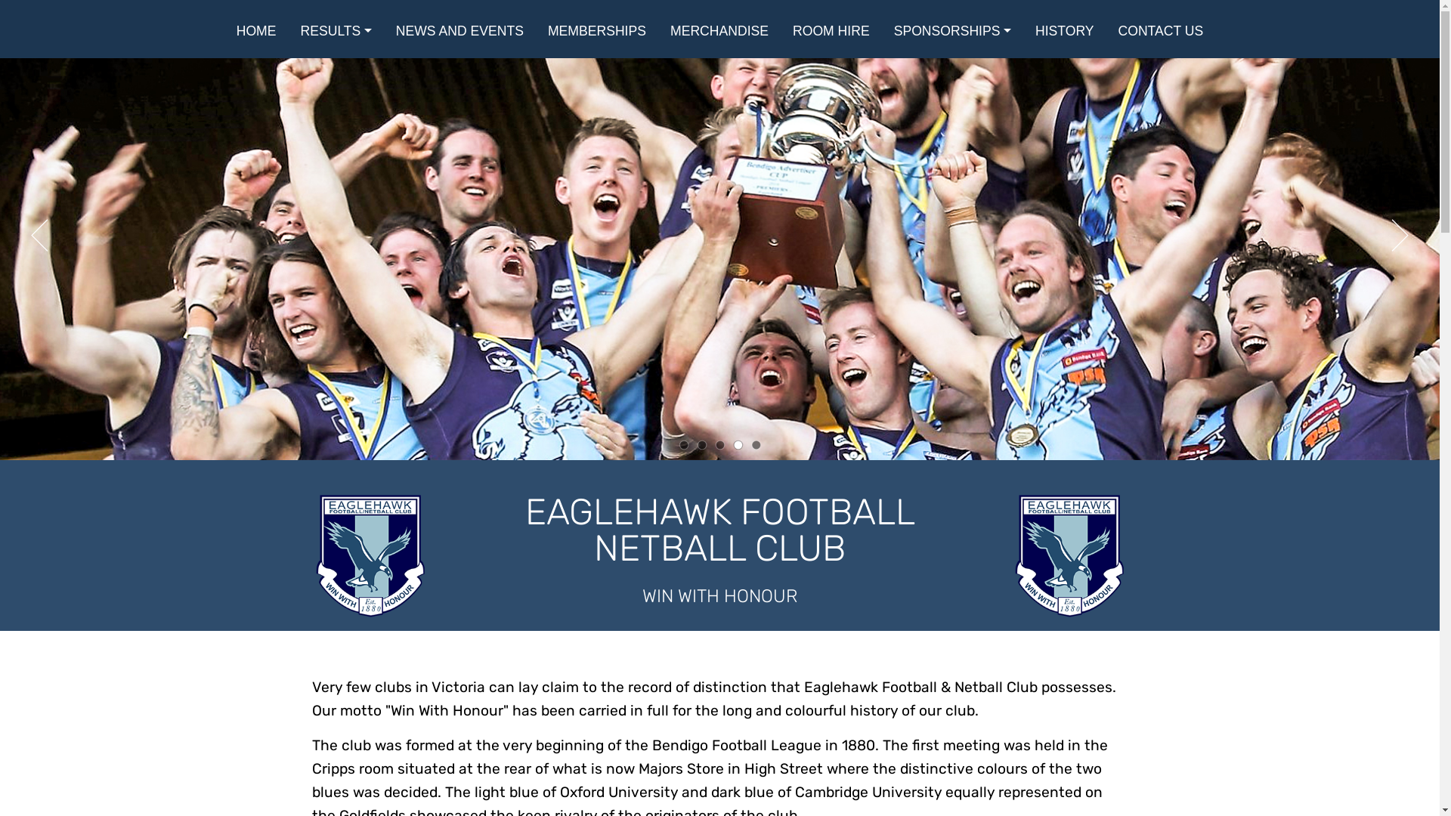 The height and width of the screenshot is (816, 1451). What do you see at coordinates (1160, 31) in the screenshot?
I see `'CONTACT US'` at bounding box center [1160, 31].